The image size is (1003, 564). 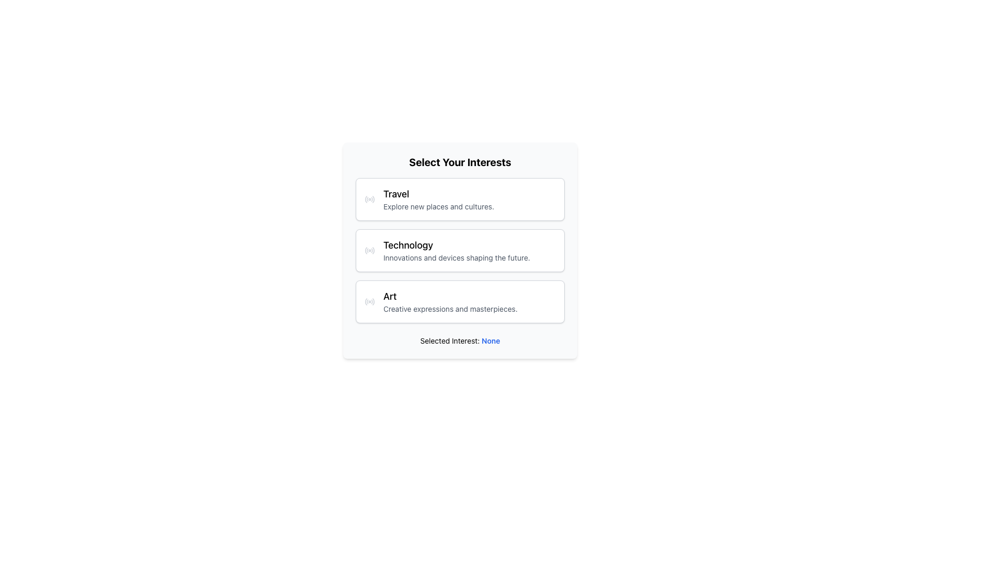 I want to click on the List item titled 'Technology' with a selection icon, so click(x=460, y=250).